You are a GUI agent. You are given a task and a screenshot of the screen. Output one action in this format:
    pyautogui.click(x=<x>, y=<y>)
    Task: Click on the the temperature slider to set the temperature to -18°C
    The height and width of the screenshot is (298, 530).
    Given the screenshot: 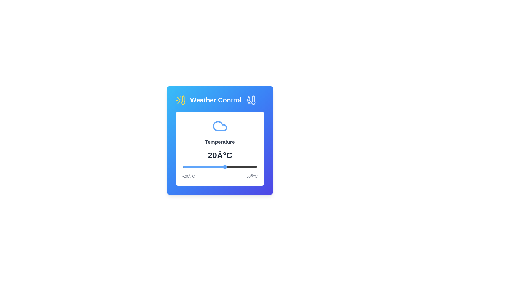 What is the action you would take?
    pyautogui.click(x=184, y=167)
    